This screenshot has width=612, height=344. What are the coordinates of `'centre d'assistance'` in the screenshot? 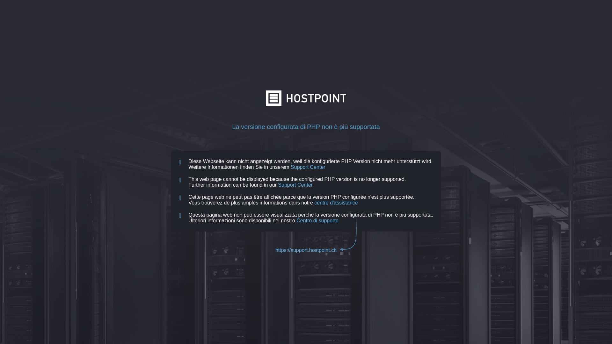 It's located at (336, 203).